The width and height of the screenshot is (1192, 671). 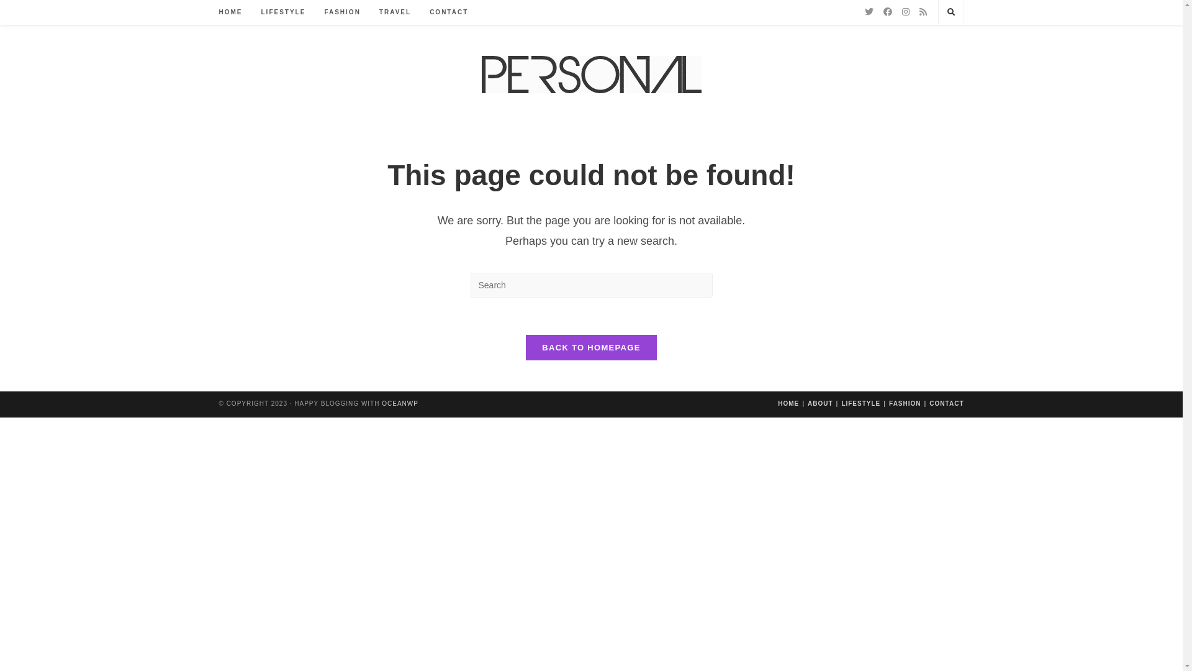 What do you see at coordinates (282, 12) in the screenshot?
I see `'LIFESTYLE'` at bounding box center [282, 12].